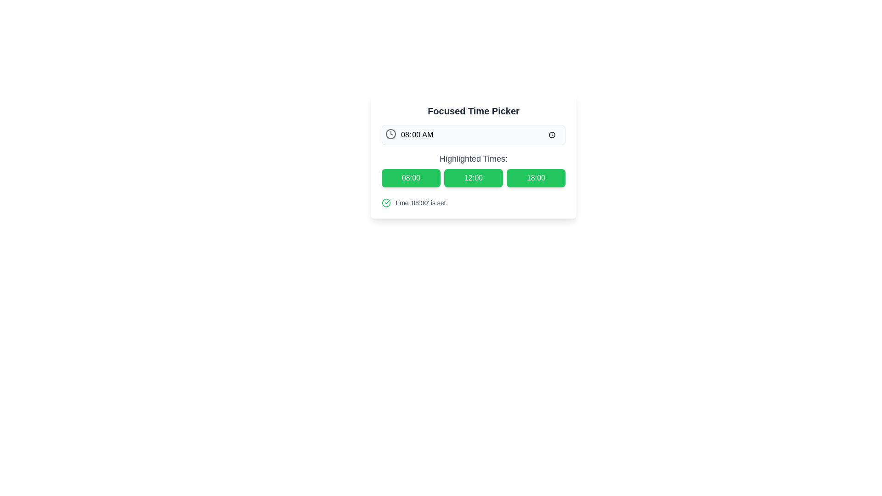  What do you see at coordinates (474, 111) in the screenshot?
I see `the 'Focused Time Picker' text header element, which is a bold serif styled label prominently displayed at the top of the content block` at bounding box center [474, 111].